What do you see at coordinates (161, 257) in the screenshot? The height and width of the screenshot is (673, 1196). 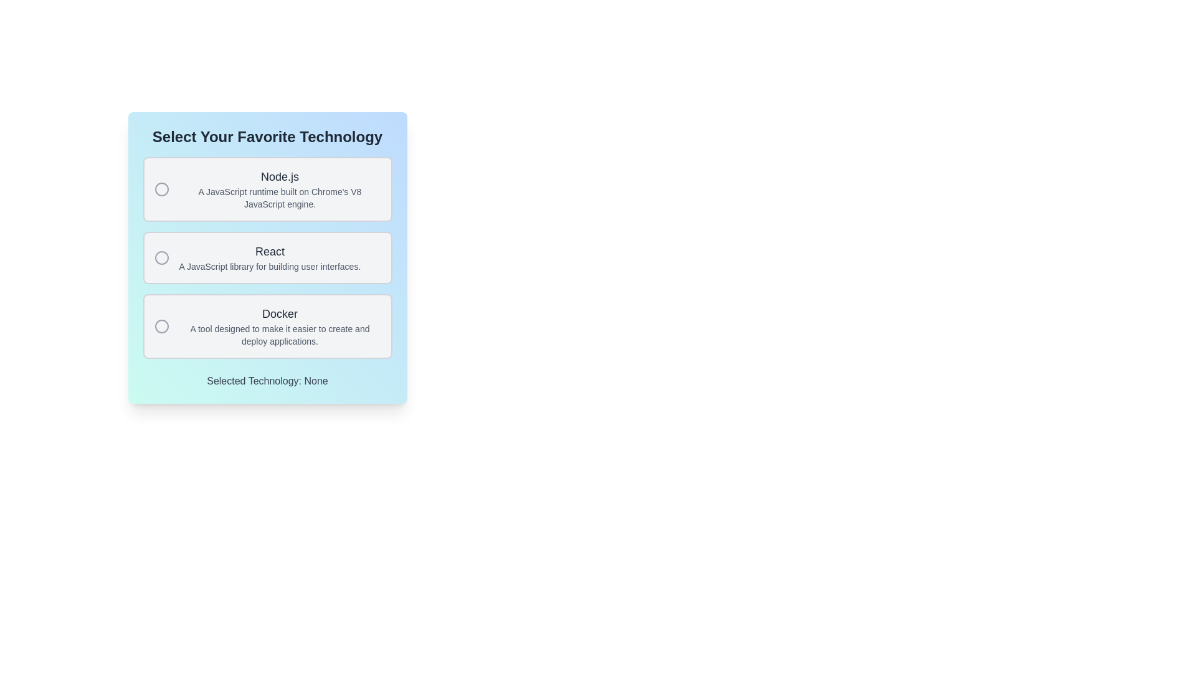 I see `the radio button representing the selection state of the 'React' option in the form` at bounding box center [161, 257].